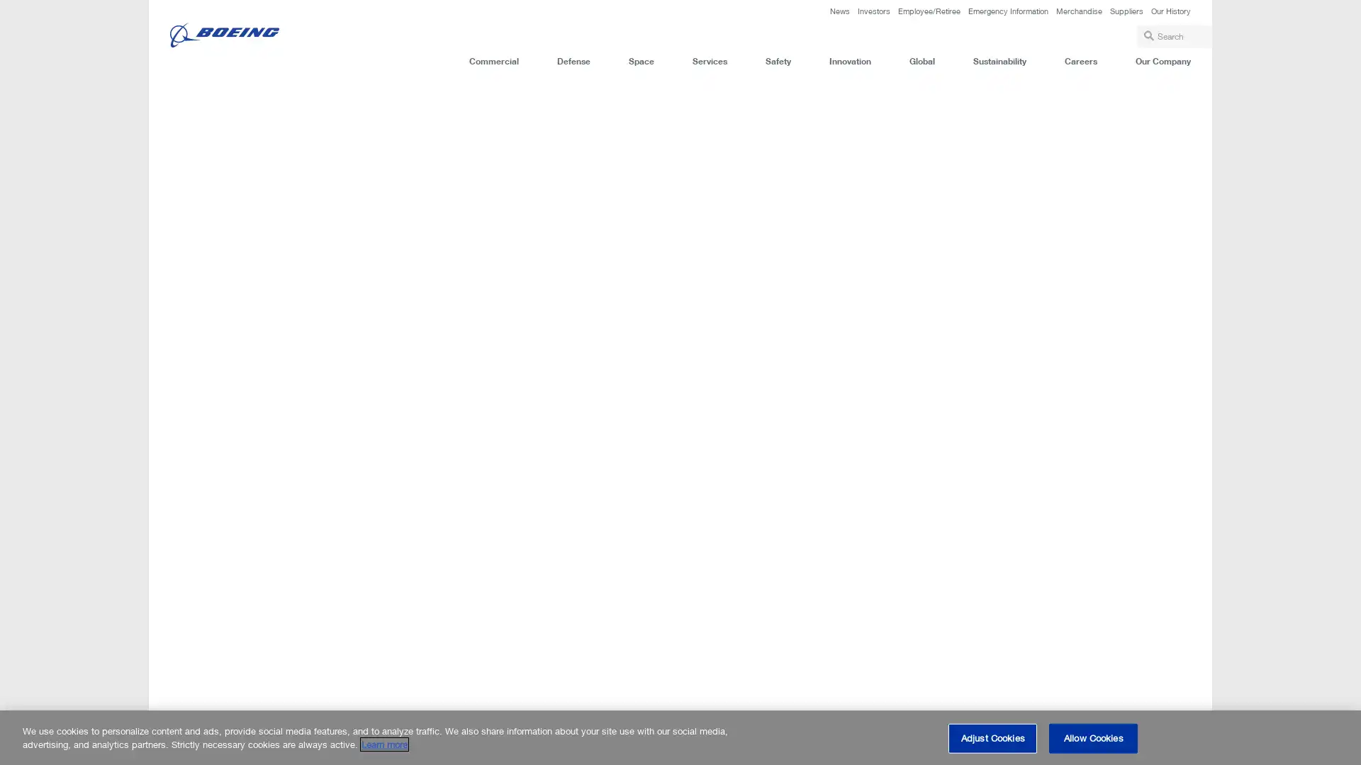 The image size is (1361, 765). Describe the element at coordinates (1092, 734) in the screenshot. I see `Allow Cookies` at that location.